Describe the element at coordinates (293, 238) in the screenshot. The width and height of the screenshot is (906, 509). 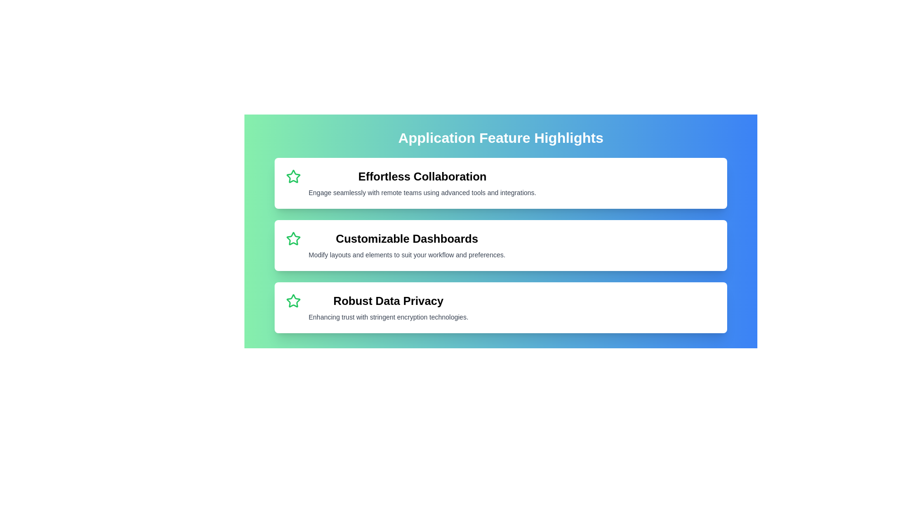
I see `the icon representing the feature highlight for 'Customizable Dashboards' to interact with the associated content` at that location.